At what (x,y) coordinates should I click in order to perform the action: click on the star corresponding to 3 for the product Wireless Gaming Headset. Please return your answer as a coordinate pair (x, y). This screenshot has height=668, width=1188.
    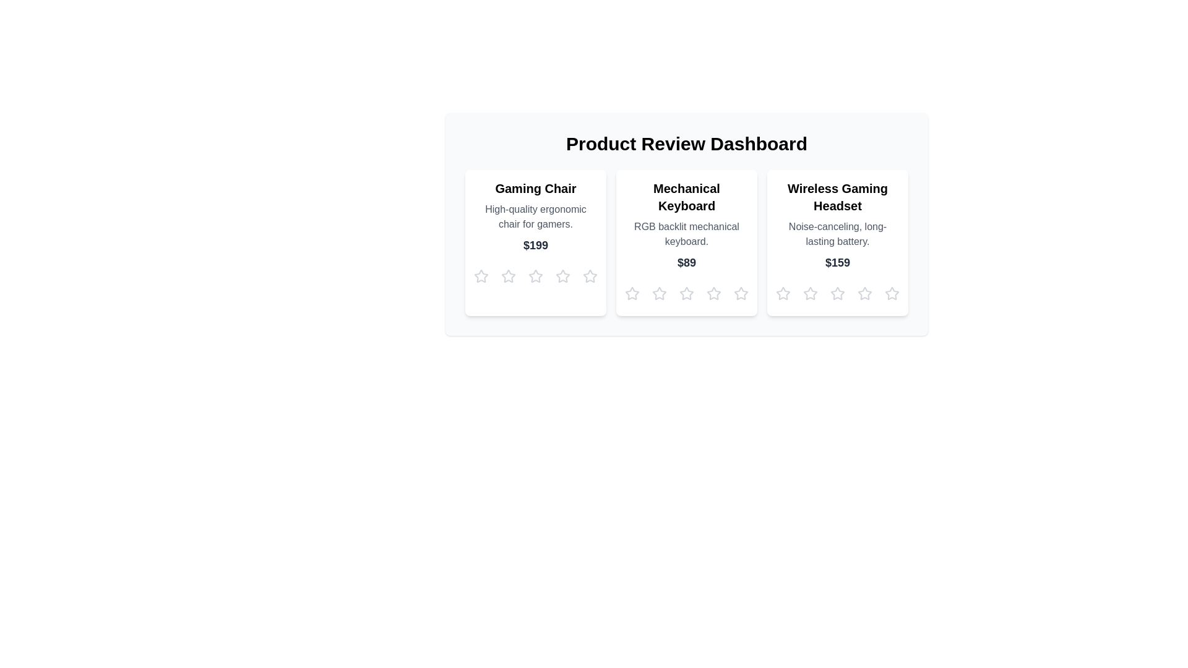
    Looking at the image, I should click on (837, 293).